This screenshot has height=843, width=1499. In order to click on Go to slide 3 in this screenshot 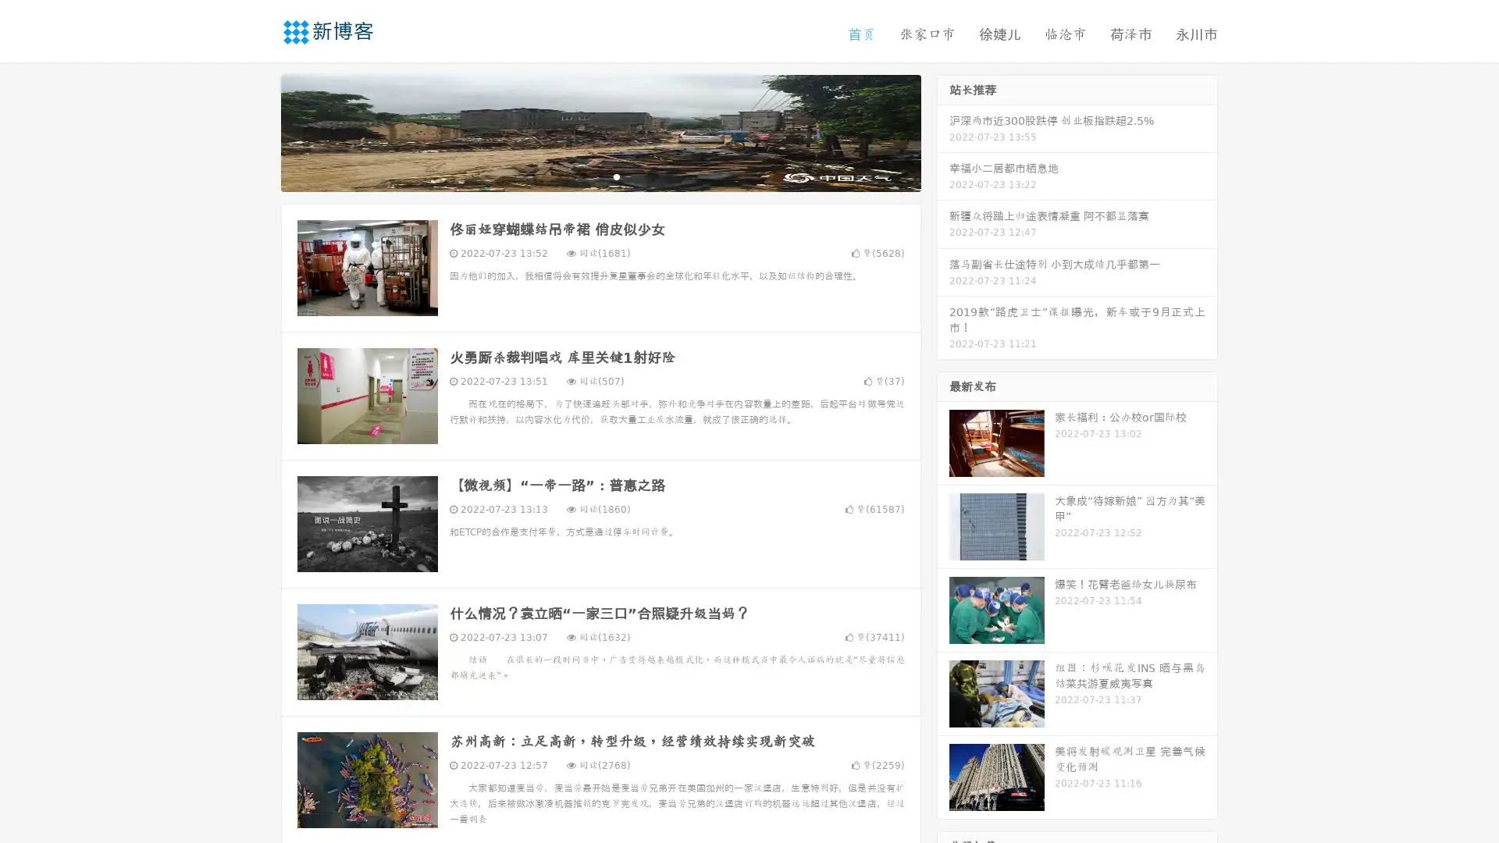, I will do `click(616, 176)`.